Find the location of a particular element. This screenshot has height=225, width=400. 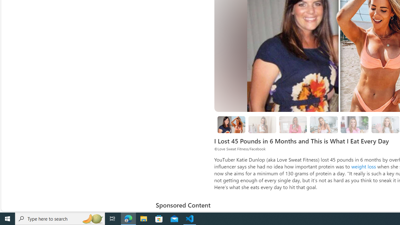

'Class: progress' is located at coordinates (354, 123).